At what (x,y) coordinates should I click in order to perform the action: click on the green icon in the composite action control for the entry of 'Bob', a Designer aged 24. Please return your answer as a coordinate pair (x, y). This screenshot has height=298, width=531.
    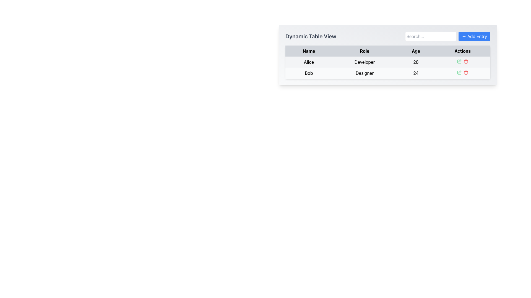
    Looking at the image, I should click on (462, 73).